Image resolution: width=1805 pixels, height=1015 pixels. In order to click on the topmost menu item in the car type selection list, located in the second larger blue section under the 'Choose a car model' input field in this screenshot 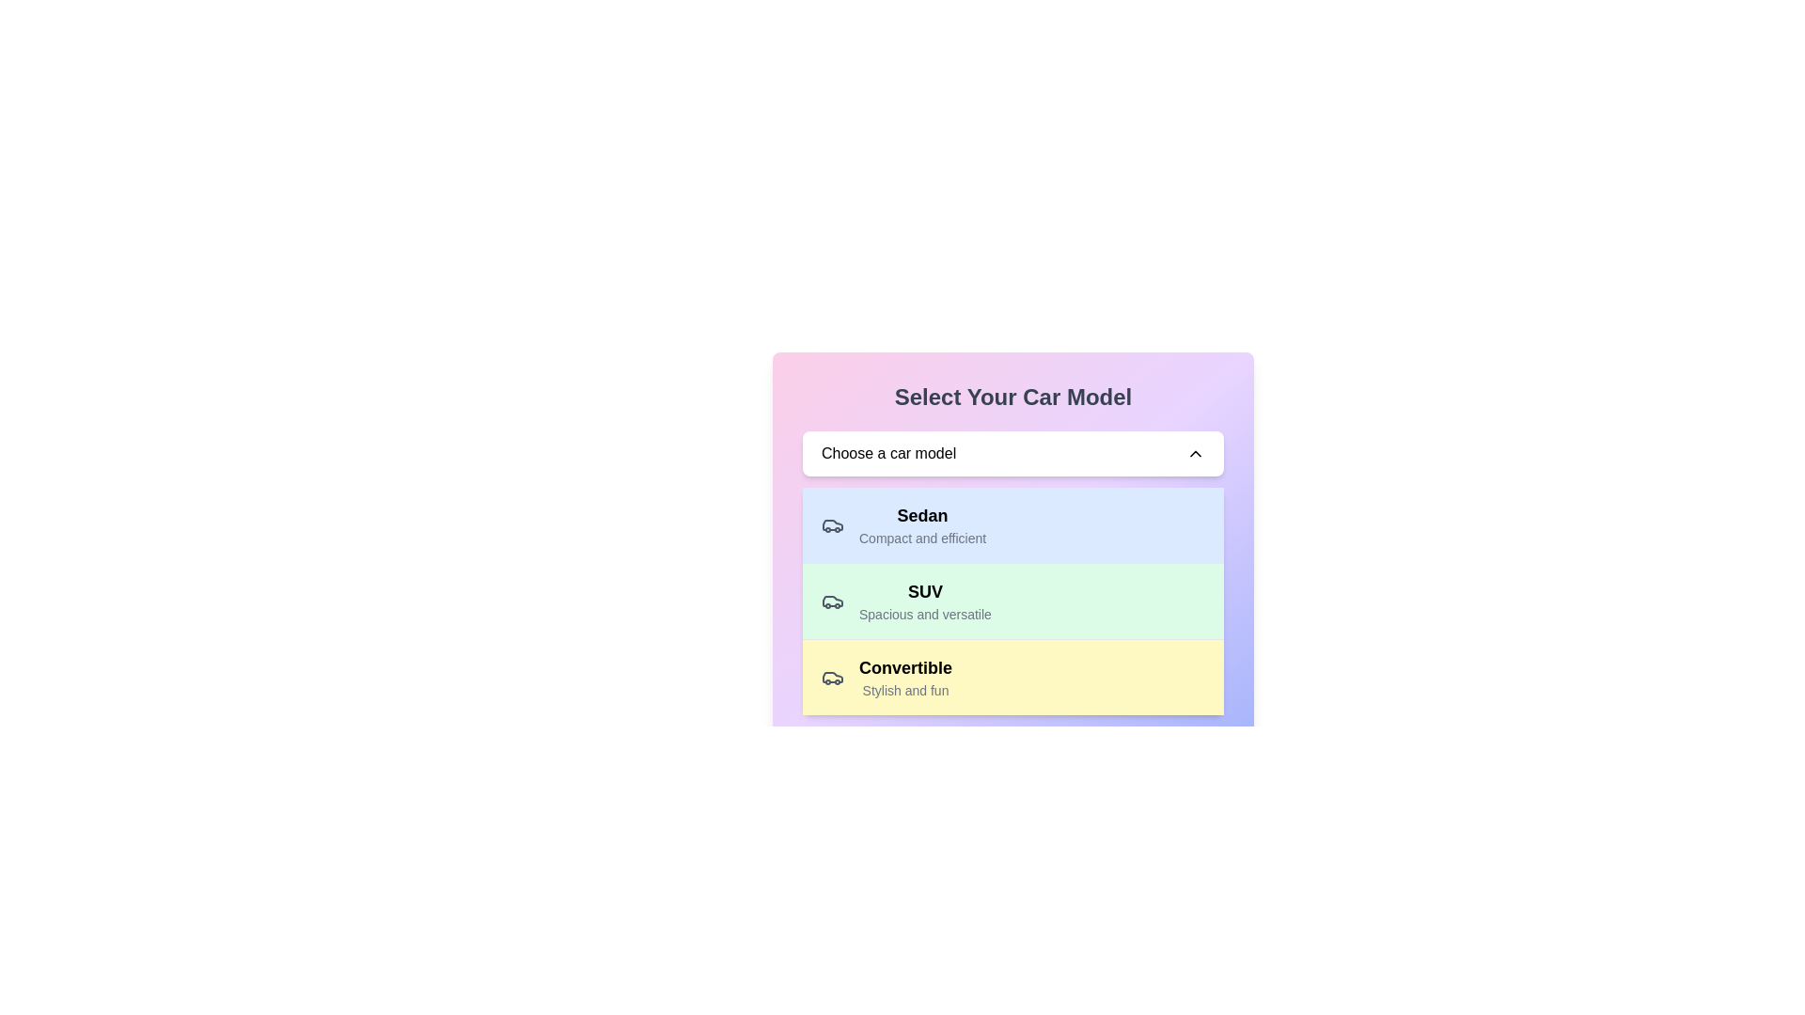, I will do `click(903, 525)`.